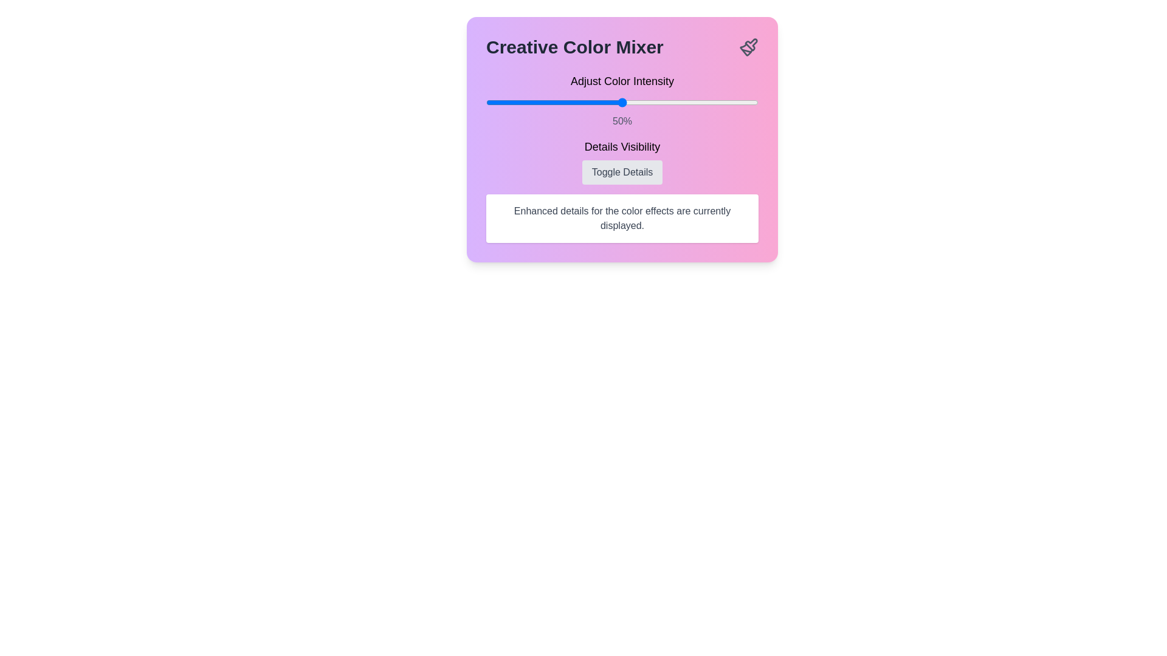  What do you see at coordinates (748, 46) in the screenshot?
I see `the painting or color-related tool icon located at the top-right corner of the 'Creative Color Mixer' panel` at bounding box center [748, 46].